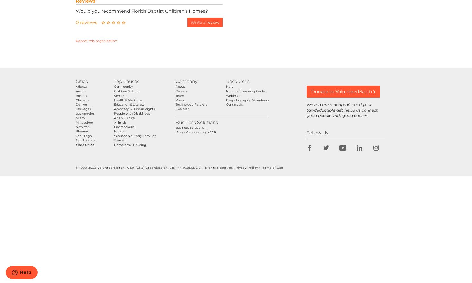 Image resolution: width=472 pixels, height=283 pixels. I want to click on 'Environment', so click(124, 127).